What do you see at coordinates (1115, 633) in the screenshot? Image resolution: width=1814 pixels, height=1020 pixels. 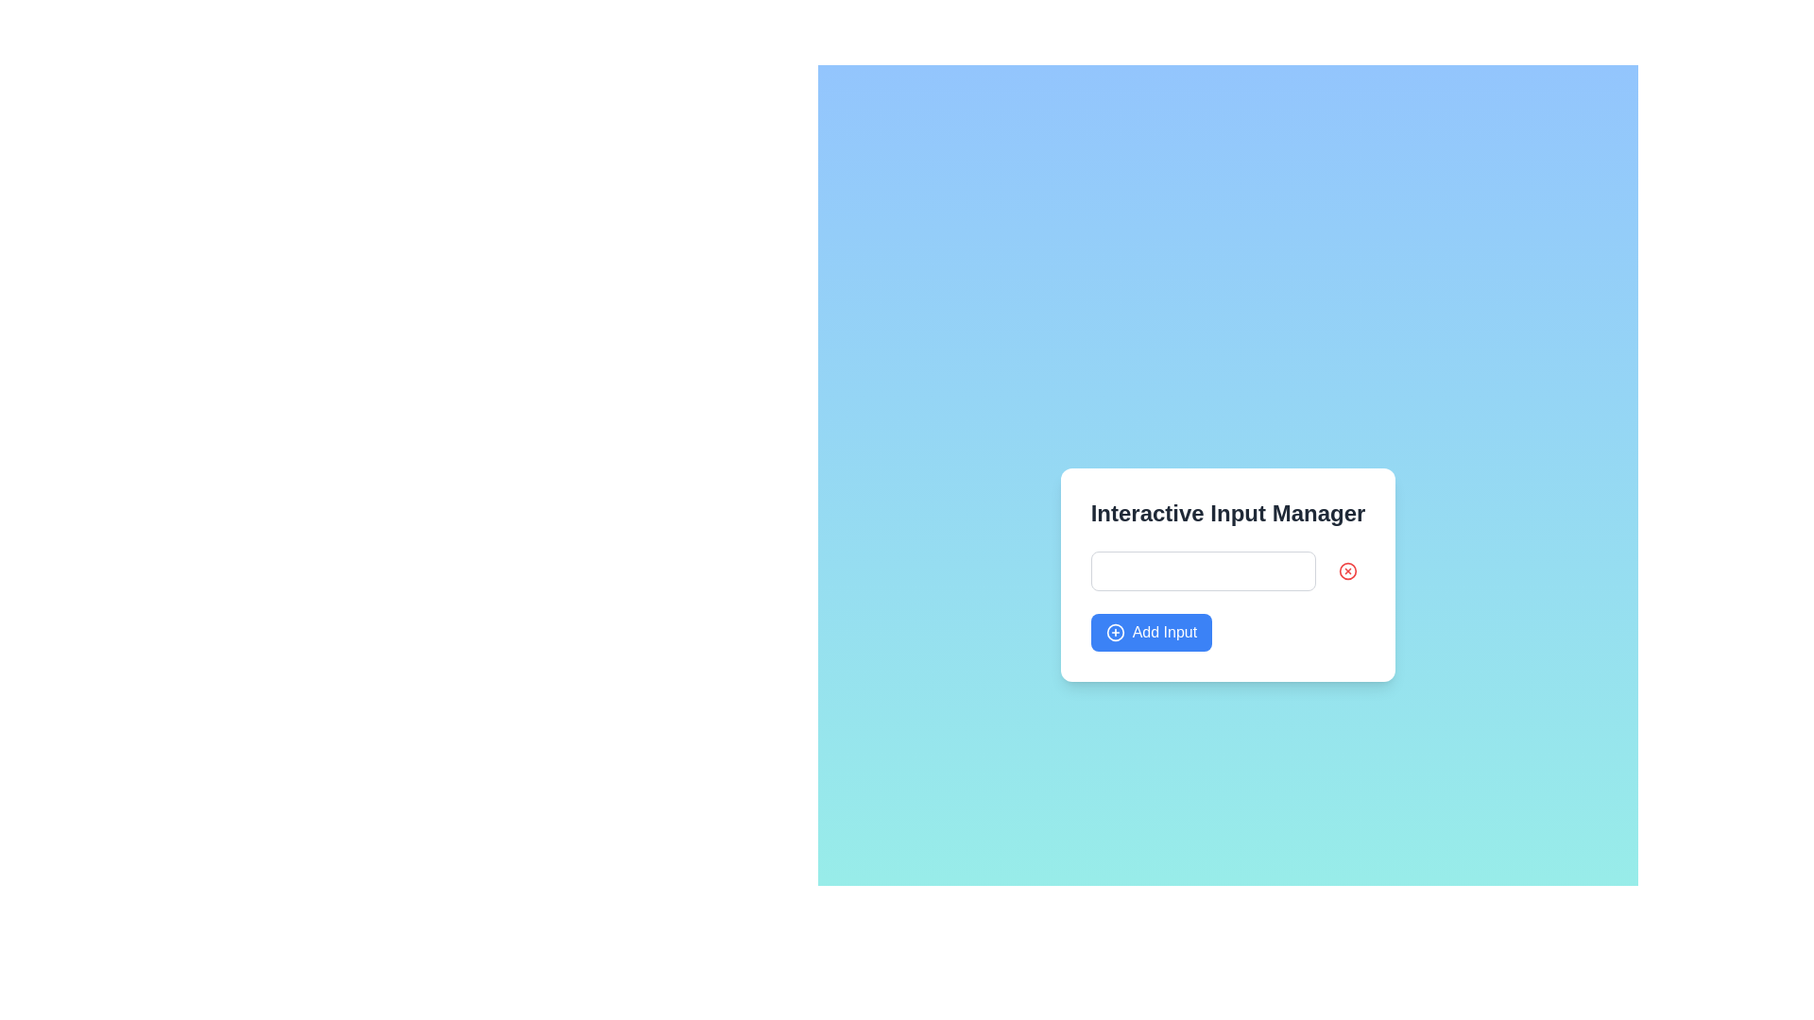 I see `the circular icon with a plus sign located inside the blue 'Add Input' button, positioned towards the left side` at bounding box center [1115, 633].